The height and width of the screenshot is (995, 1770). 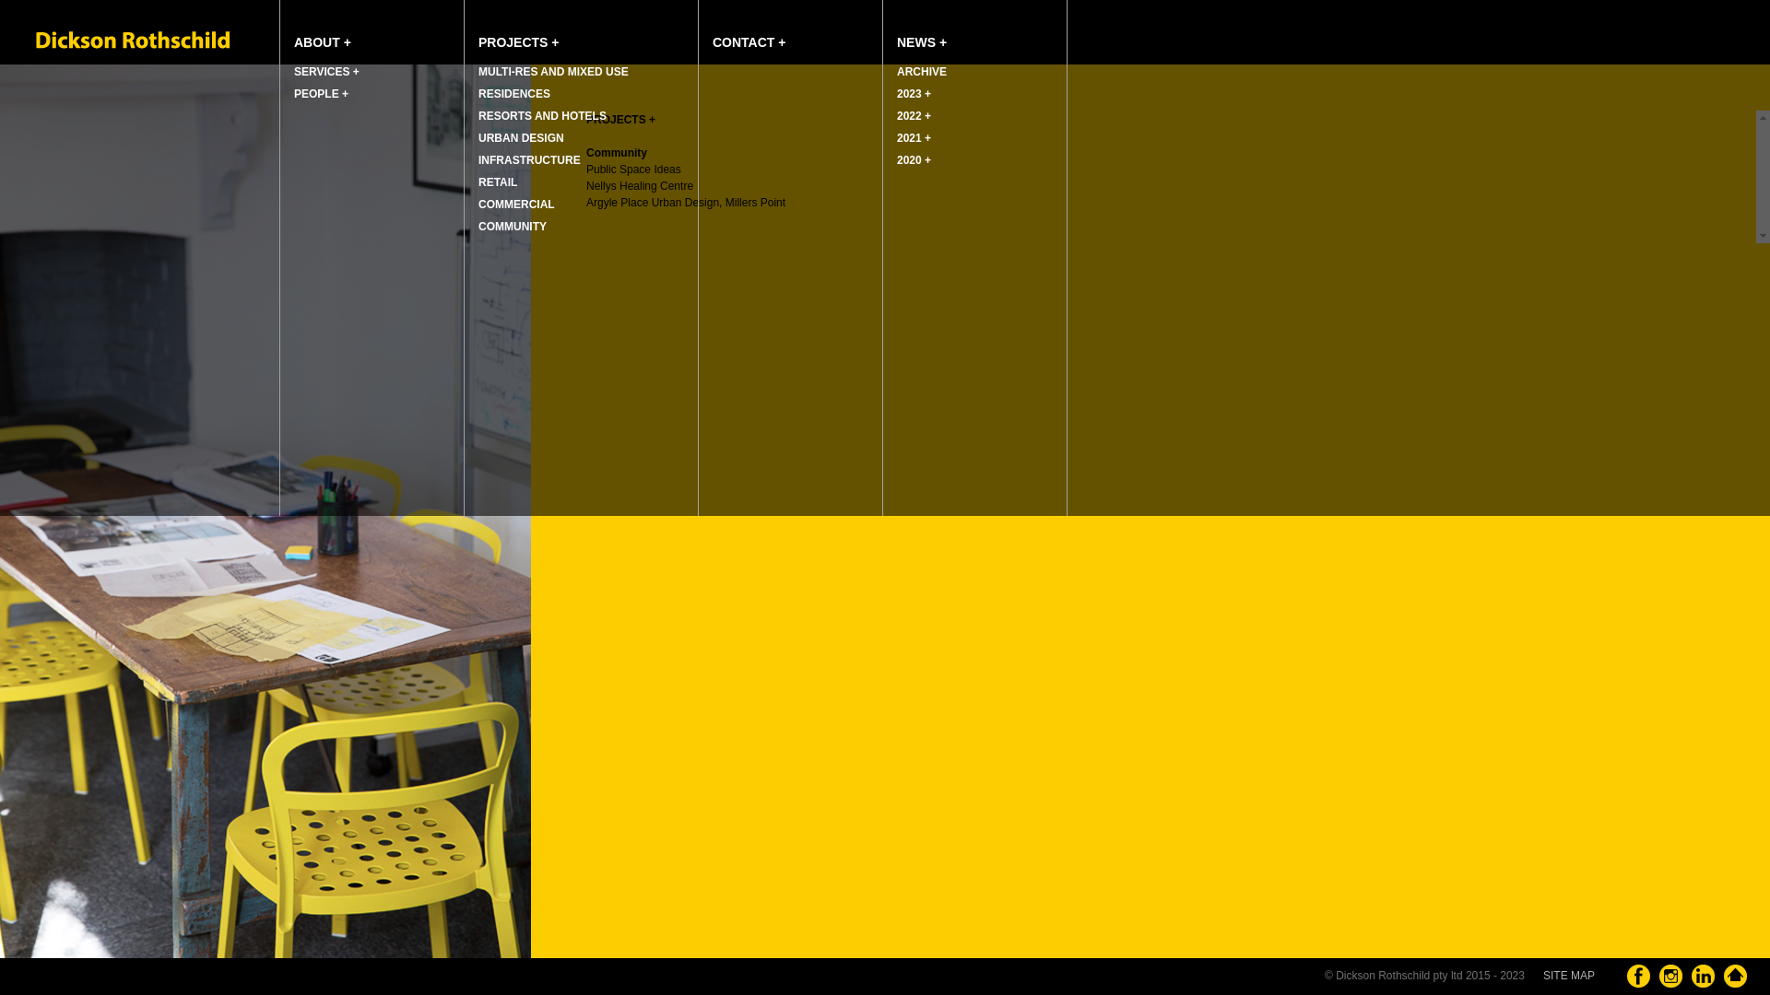 I want to click on 'CONTACT +', so click(x=698, y=30).